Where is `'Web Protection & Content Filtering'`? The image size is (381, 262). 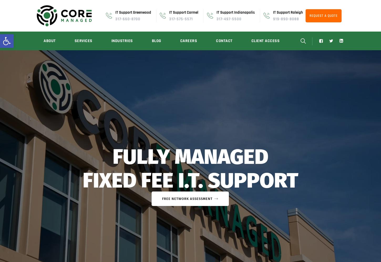 'Web Protection & Content Filtering' is located at coordinates (73, 90).